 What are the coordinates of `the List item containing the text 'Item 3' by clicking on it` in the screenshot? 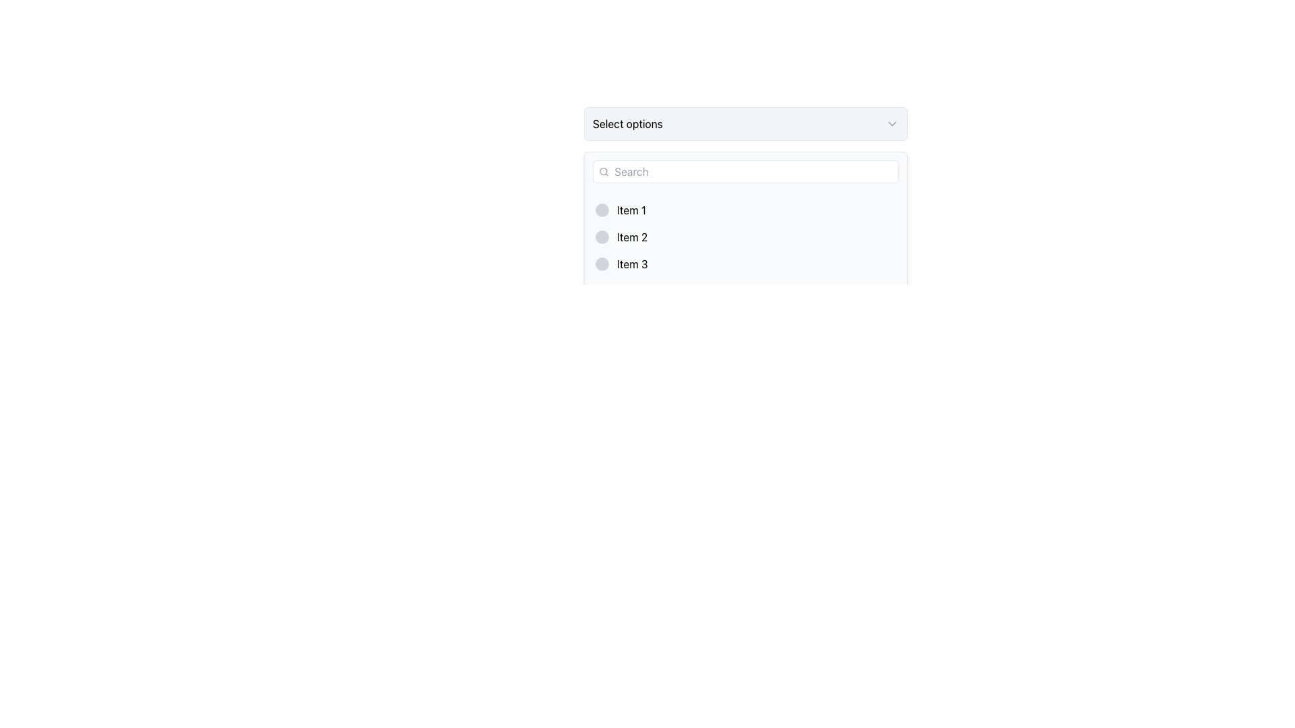 It's located at (745, 264).